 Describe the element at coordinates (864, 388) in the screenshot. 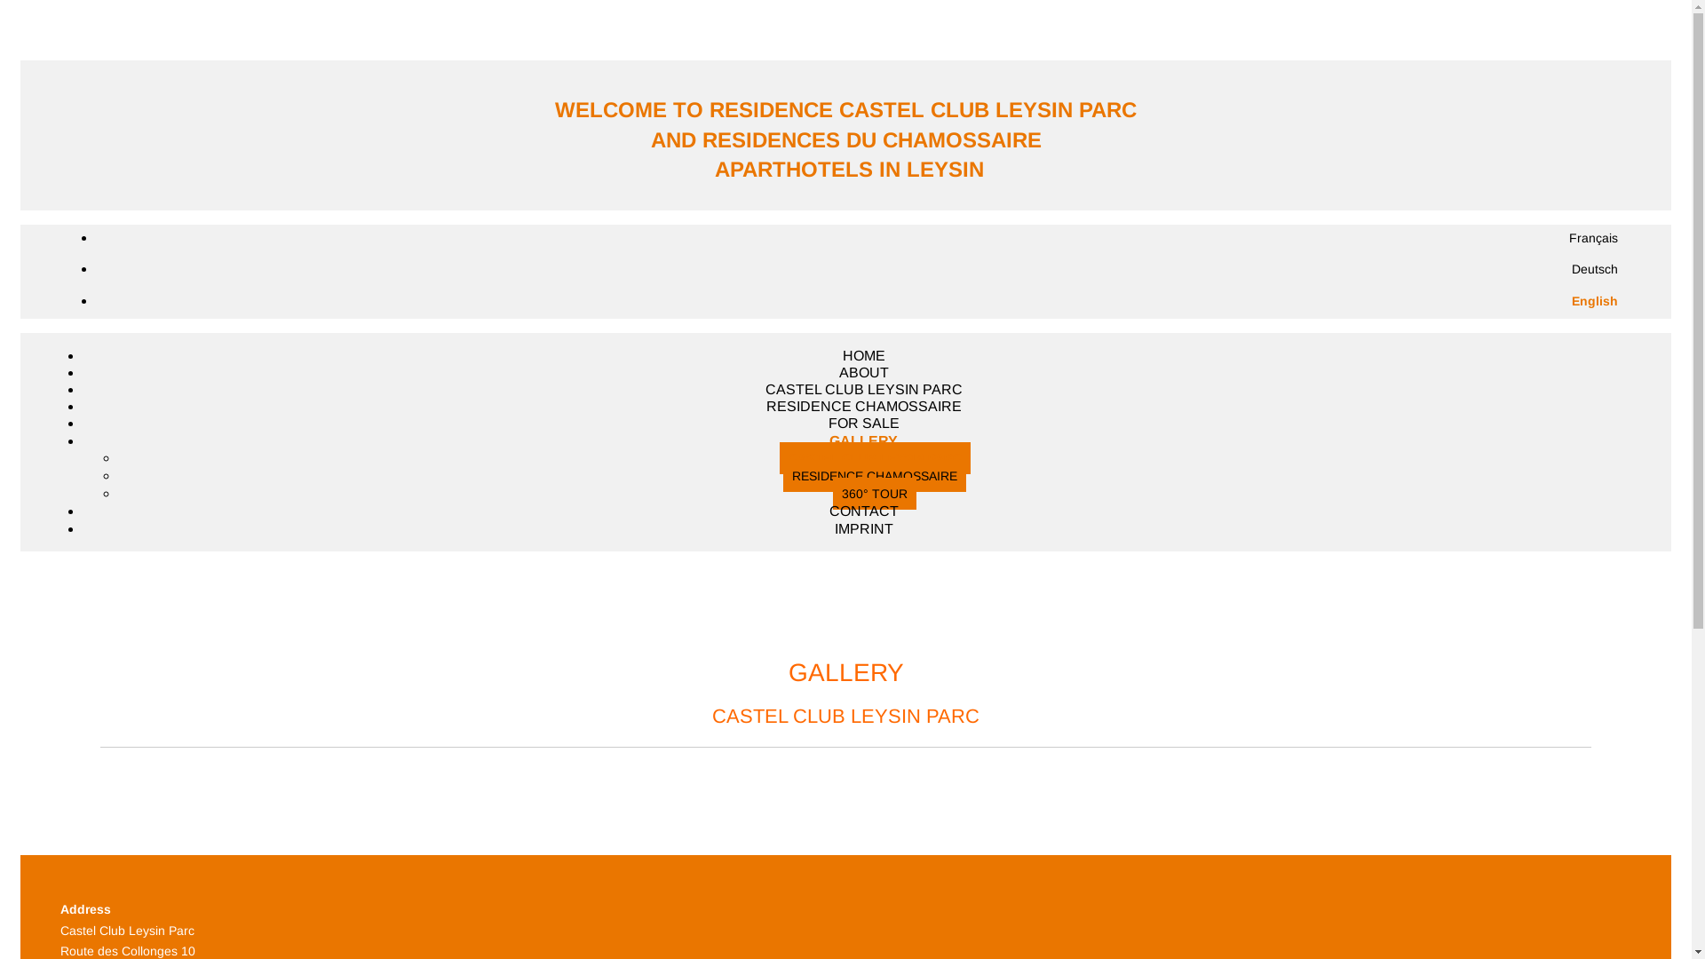

I see `'CASTEL CLUB LEYSIN PARC'` at that location.